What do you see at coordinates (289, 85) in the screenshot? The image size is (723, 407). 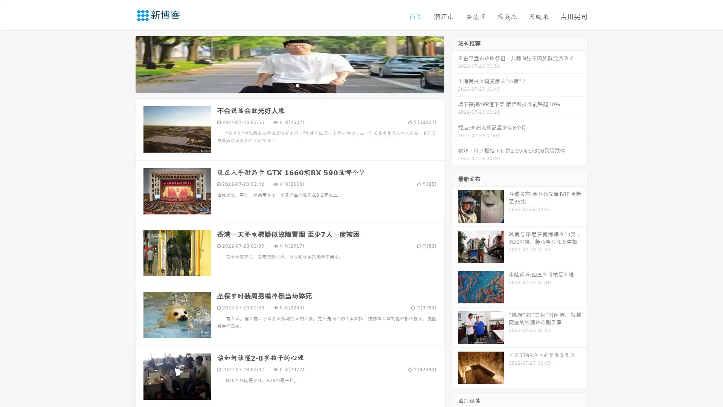 I see `Go to slide 2` at bounding box center [289, 85].